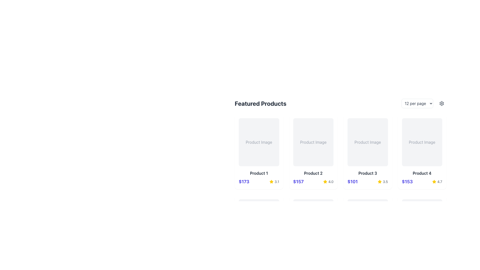 The height and width of the screenshot is (270, 480). I want to click on the numeric text label '4.7' which is styled in a small gray font and is located next to a star symbol in the product details section for Product 4, so click(439, 181).